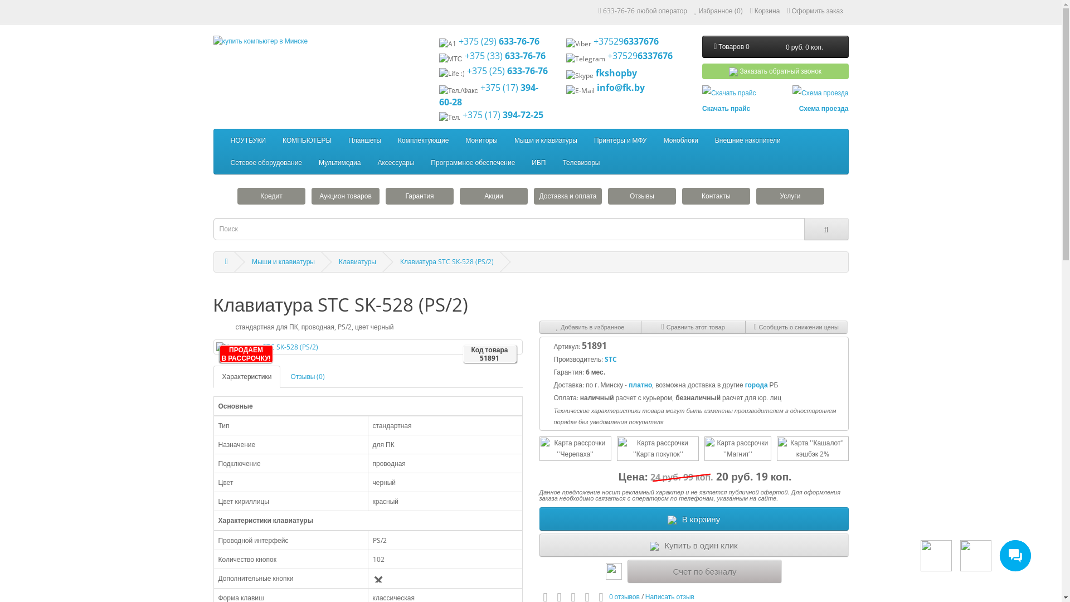 This screenshot has height=602, width=1070. What do you see at coordinates (620, 87) in the screenshot?
I see `'info@fk.by'` at bounding box center [620, 87].